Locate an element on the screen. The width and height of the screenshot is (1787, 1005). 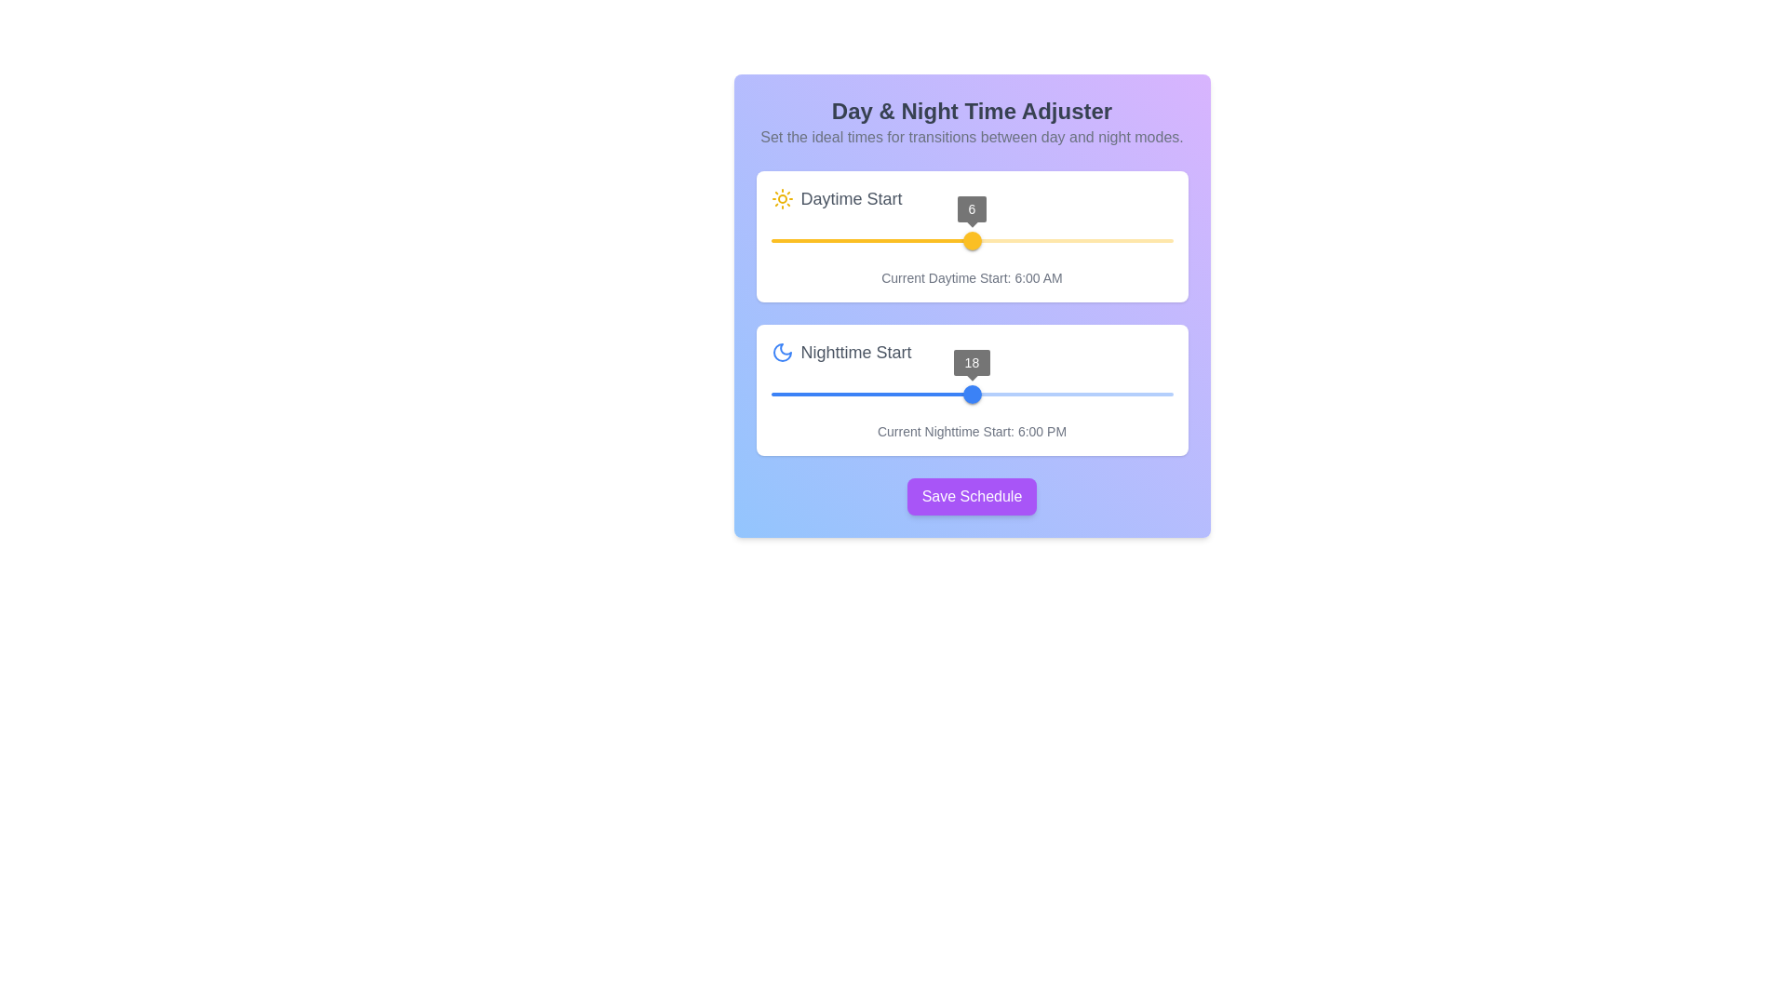
the slider rail element is located at coordinates (971, 394).